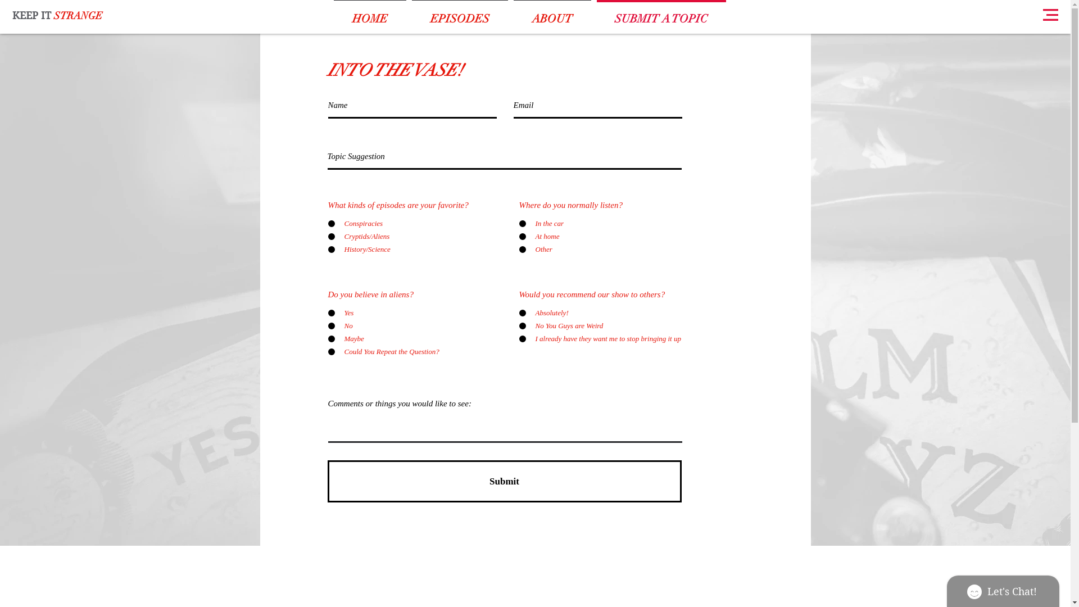 The width and height of the screenshot is (1079, 607). I want to click on 'HOME', so click(369, 13).